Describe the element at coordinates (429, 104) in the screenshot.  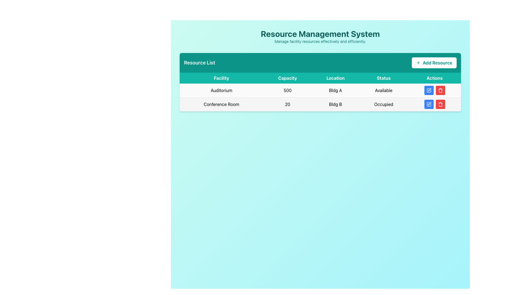
I see `the pen icon button in the Actions column of the Conference Room row` at that location.